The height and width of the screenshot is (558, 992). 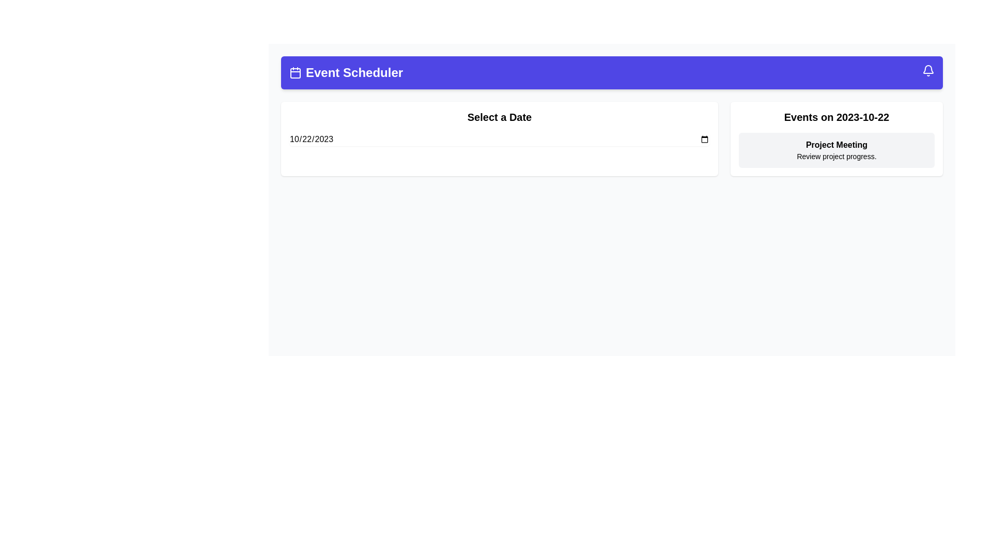 I want to click on text displayed in the Text Display Block that has a bold heading 'Project Meeting' and smaller text 'Review project progress.', so click(x=836, y=150).